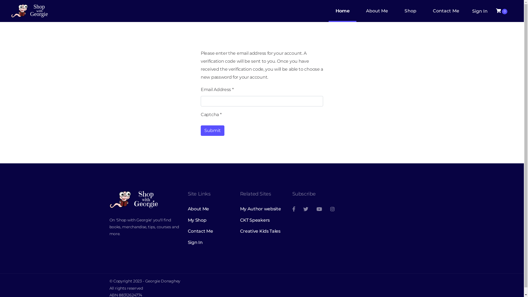 This screenshot has width=528, height=297. What do you see at coordinates (212, 130) in the screenshot?
I see `'Submit'` at bounding box center [212, 130].